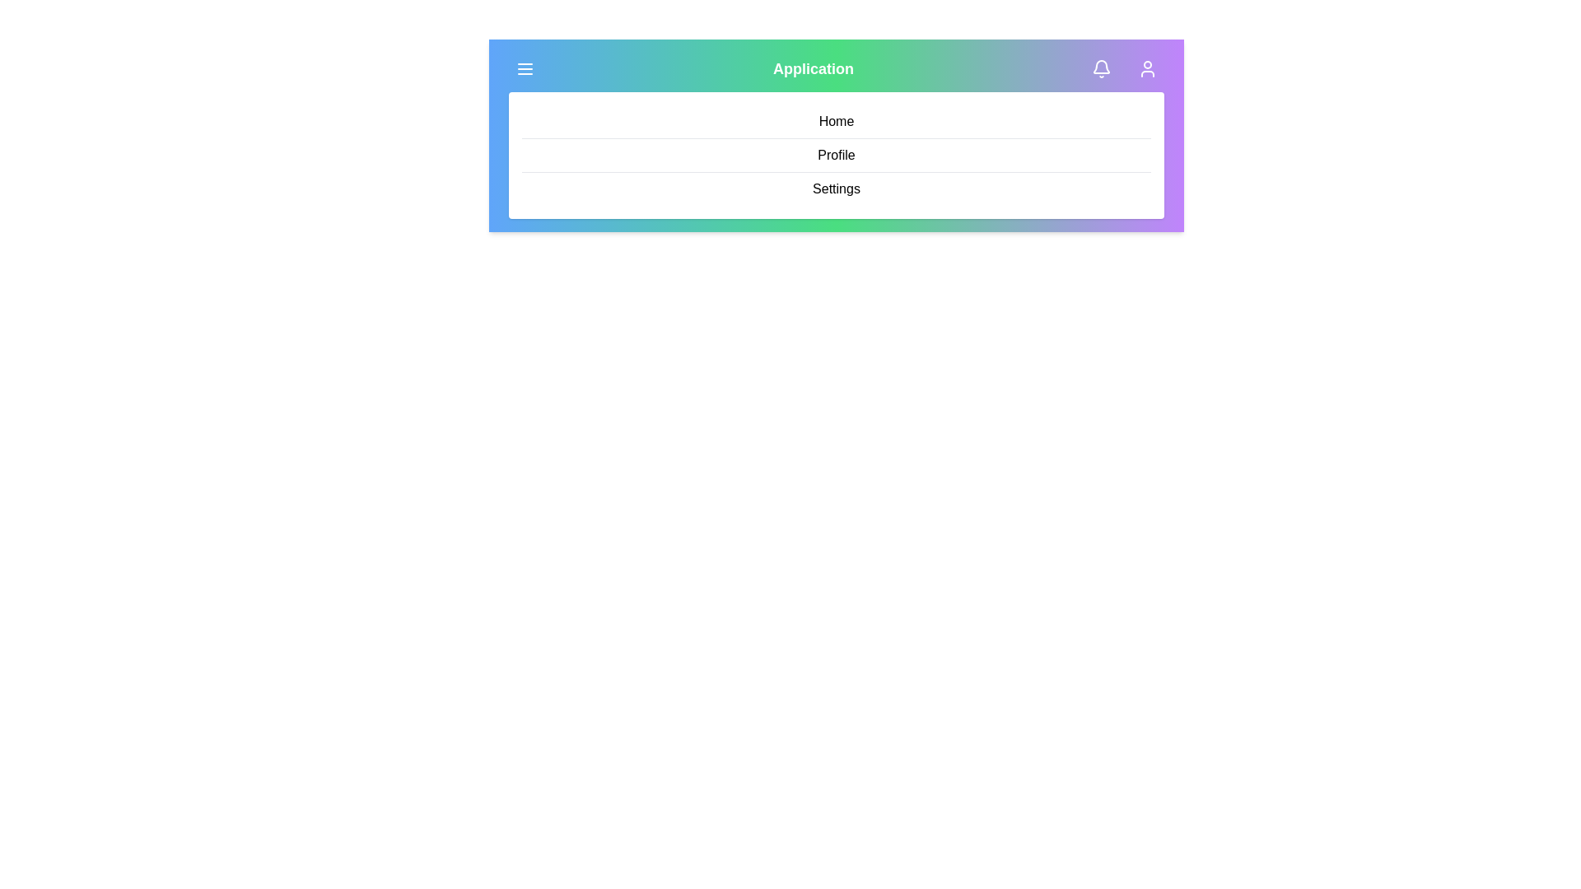 The height and width of the screenshot is (889, 1581). Describe the element at coordinates (837, 156) in the screenshot. I see `the menu item Profile from the options Home, Profile, and Settings` at that location.